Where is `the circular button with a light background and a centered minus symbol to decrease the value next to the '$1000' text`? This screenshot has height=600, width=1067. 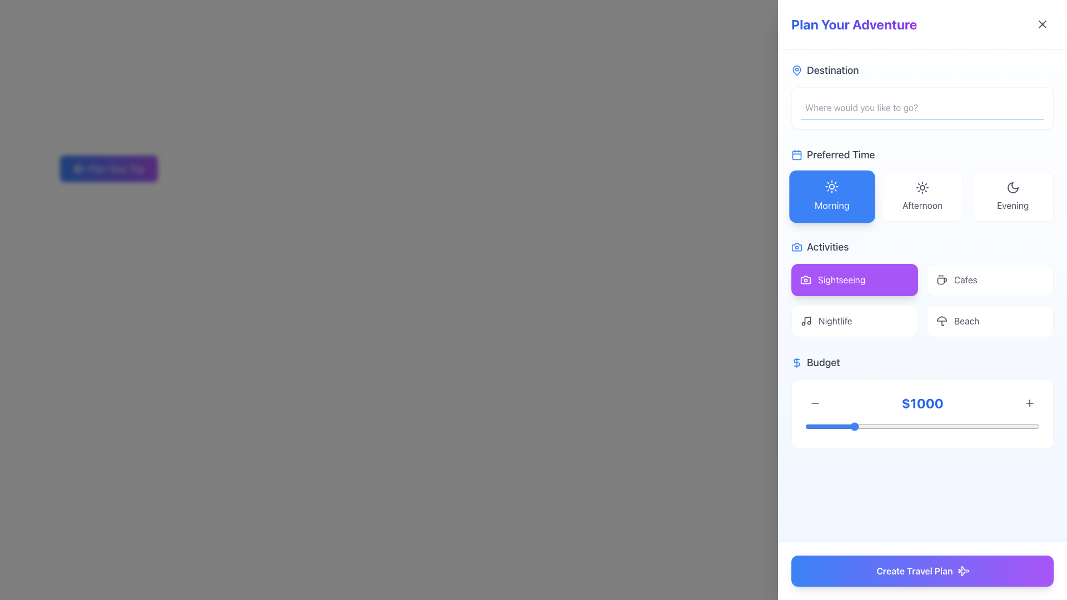 the circular button with a light background and a centered minus symbol to decrease the value next to the '$1000' text is located at coordinates (815, 403).